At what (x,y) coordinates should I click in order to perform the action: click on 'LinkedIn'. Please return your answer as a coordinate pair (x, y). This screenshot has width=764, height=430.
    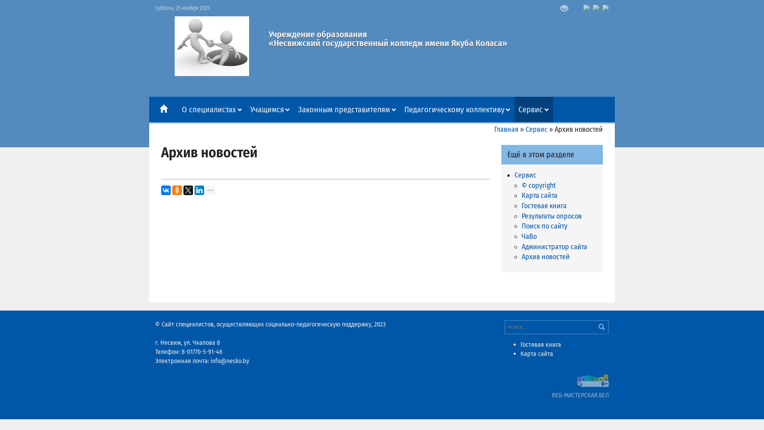
    Looking at the image, I should click on (199, 190).